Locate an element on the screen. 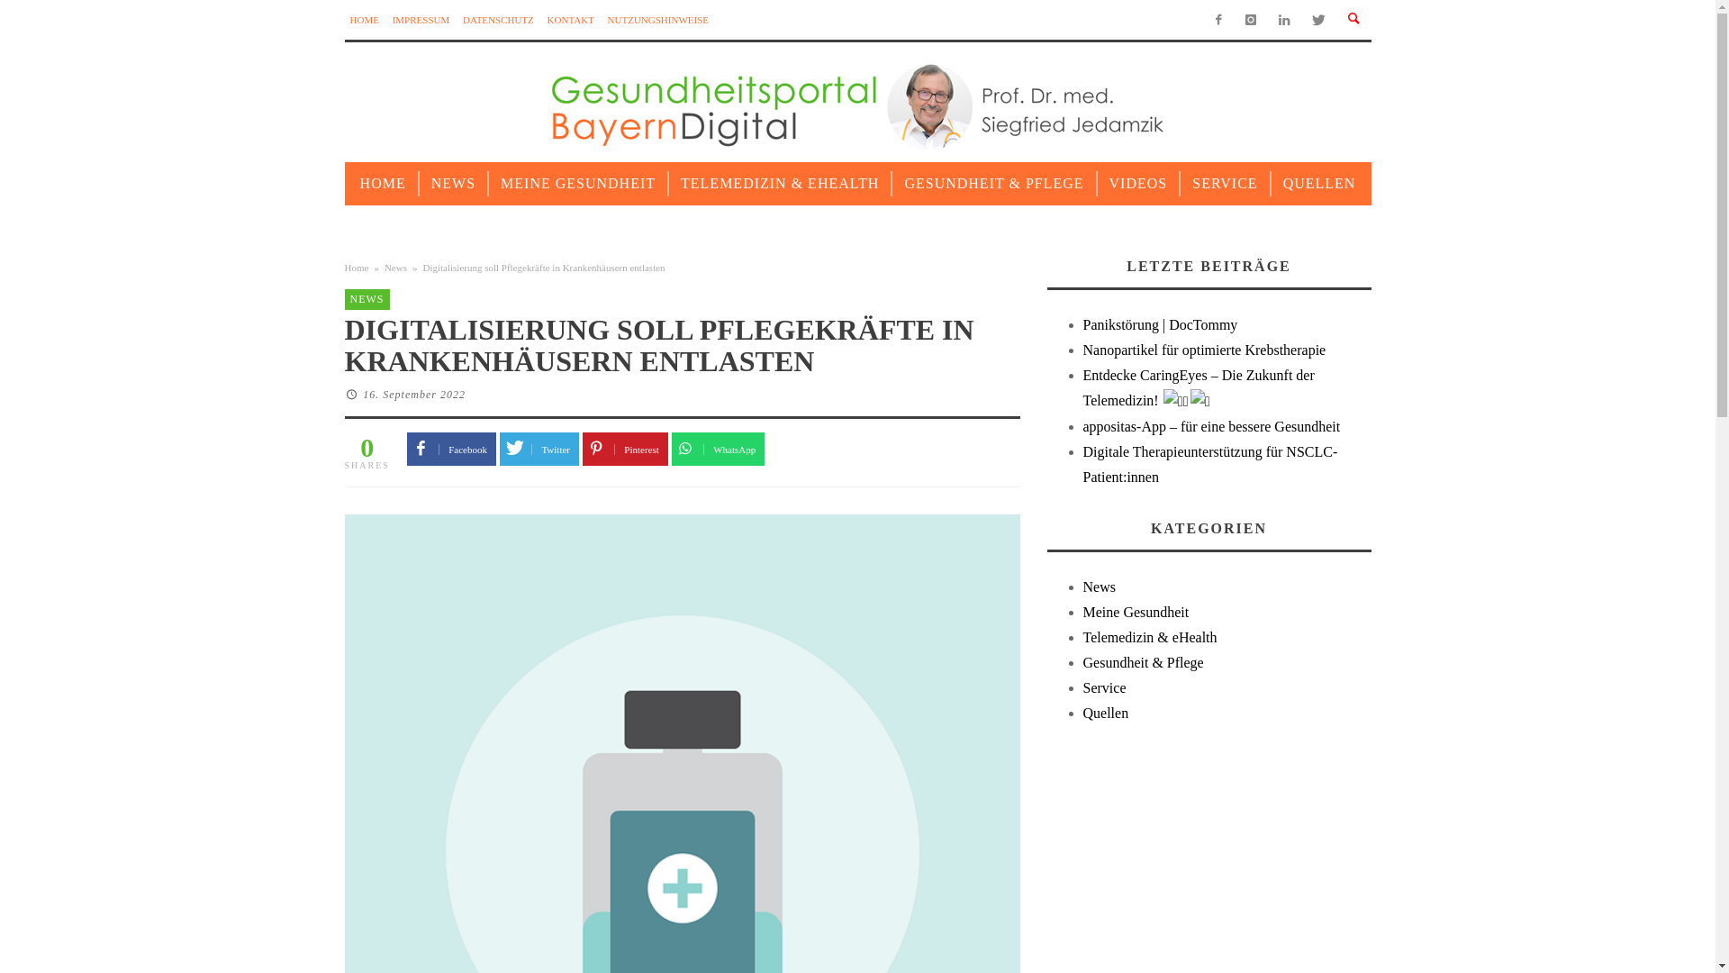  'Pinterest' is located at coordinates (625, 448).